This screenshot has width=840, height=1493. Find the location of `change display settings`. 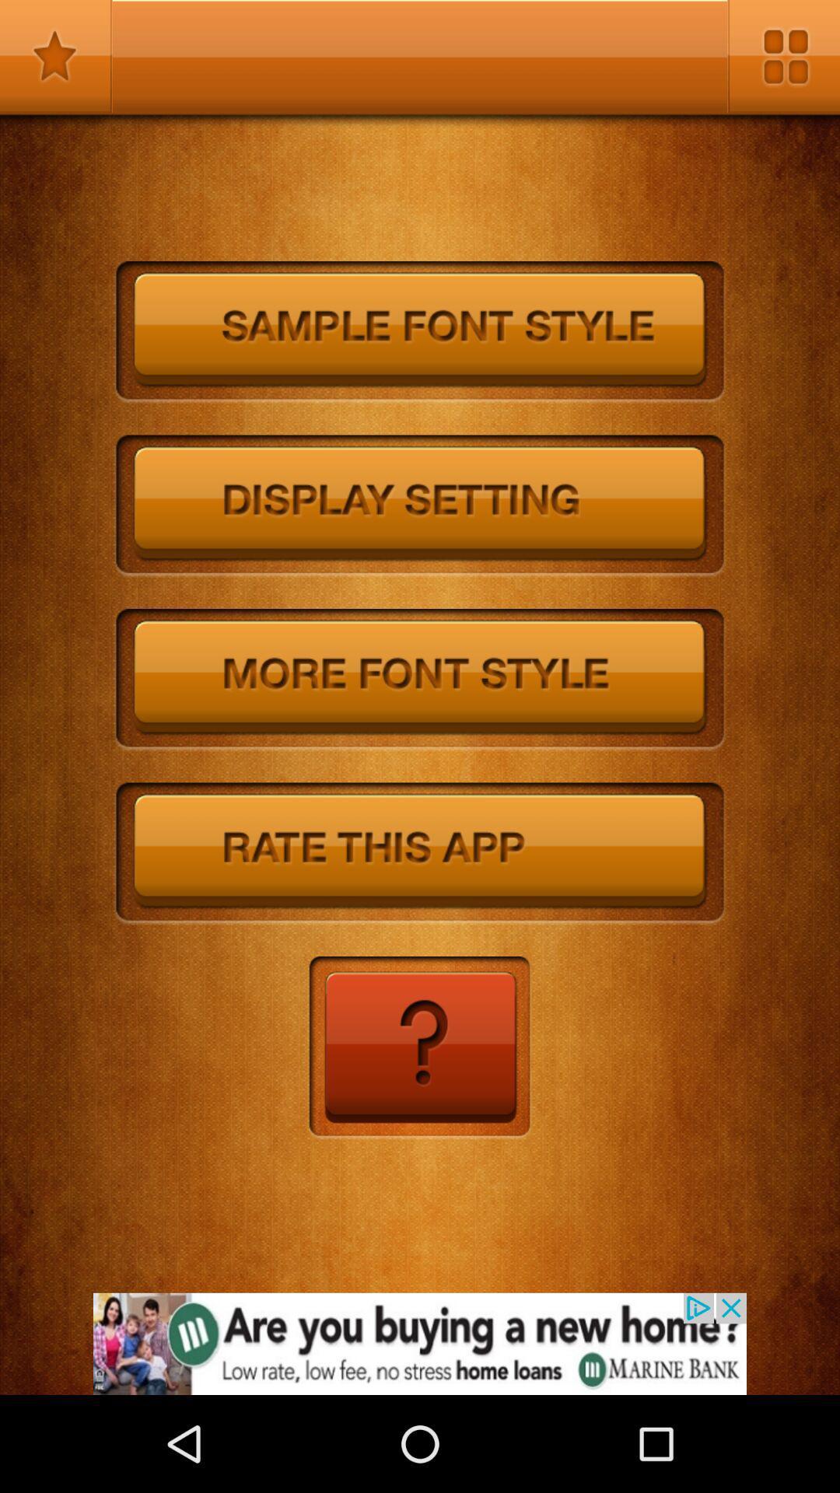

change display settings is located at coordinates (420, 506).